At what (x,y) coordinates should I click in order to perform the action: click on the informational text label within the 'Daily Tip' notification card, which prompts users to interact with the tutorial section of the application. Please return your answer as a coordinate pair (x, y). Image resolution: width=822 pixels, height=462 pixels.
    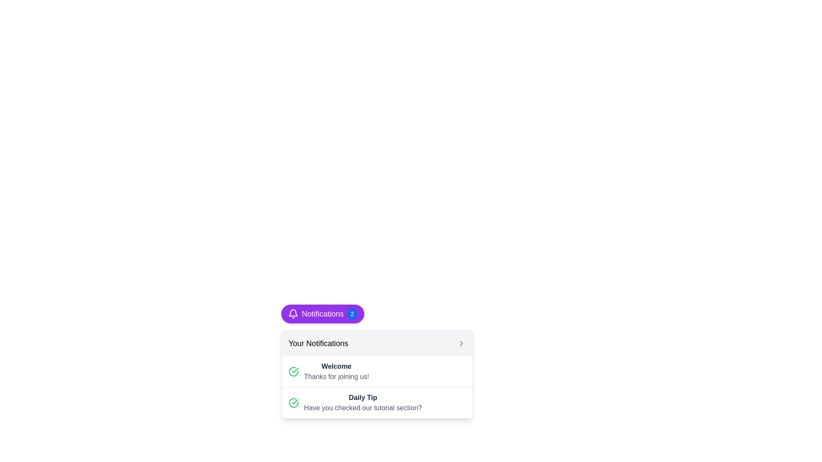
    Looking at the image, I should click on (363, 407).